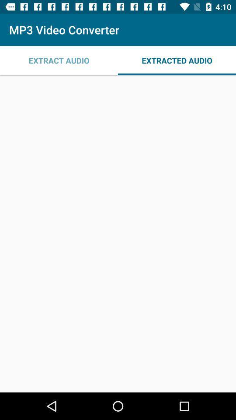  What do you see at coordinates (59, 60) in the screenshot?
I see `the item to the left of extracted audio icon` at bounding box center [59, 60].